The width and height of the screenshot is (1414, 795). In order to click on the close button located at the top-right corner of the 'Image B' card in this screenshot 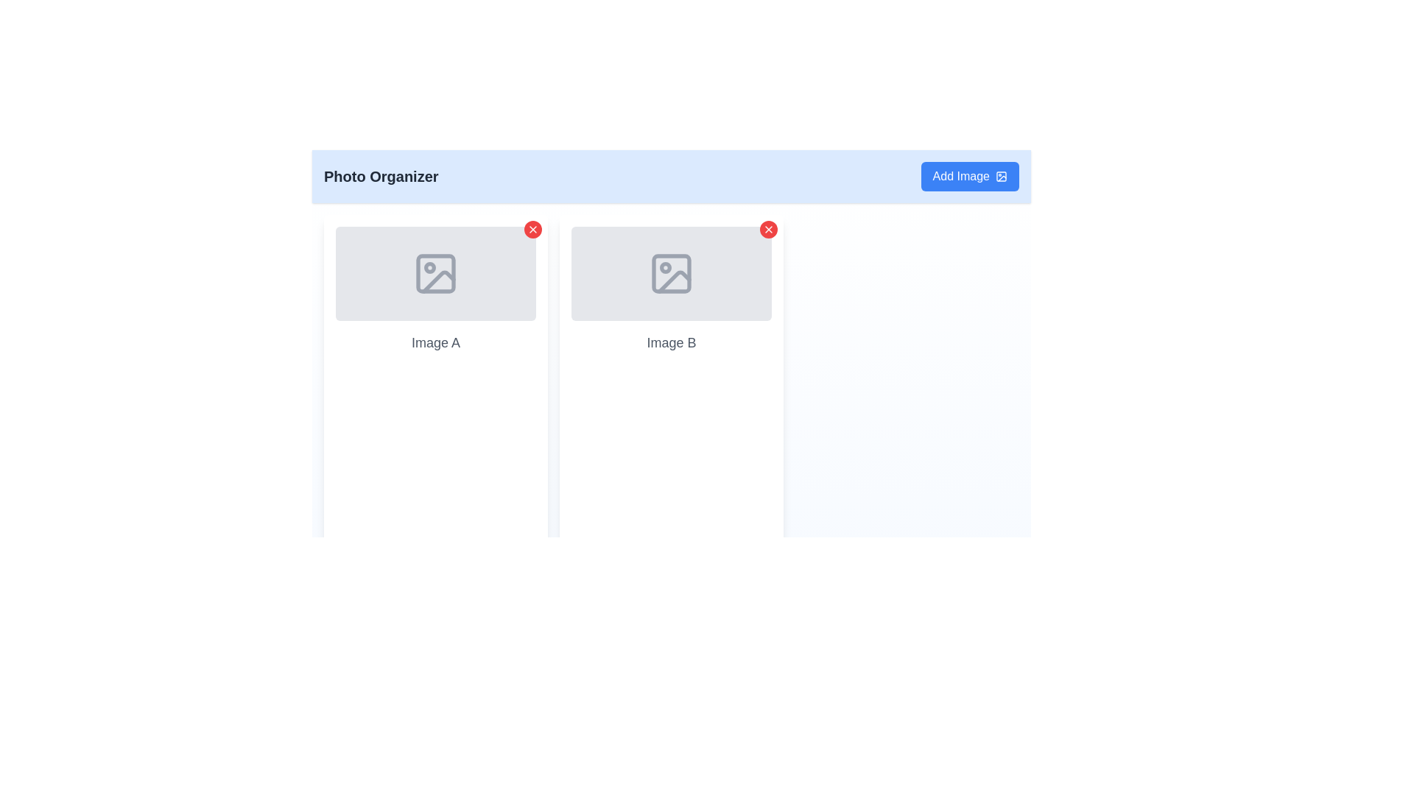, I will do `click(767, 230)`.